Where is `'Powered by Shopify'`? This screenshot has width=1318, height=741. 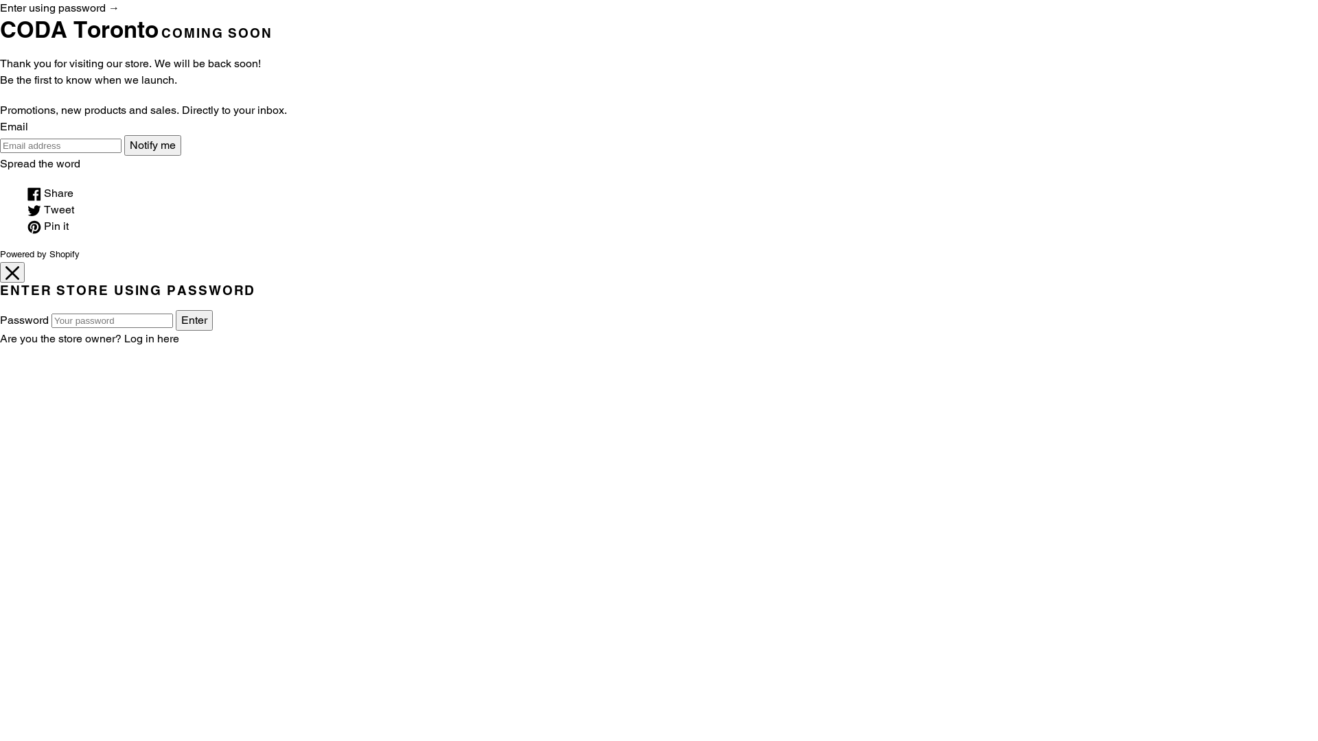 'Powered by Shopify' is located at coordinates (39, 254).